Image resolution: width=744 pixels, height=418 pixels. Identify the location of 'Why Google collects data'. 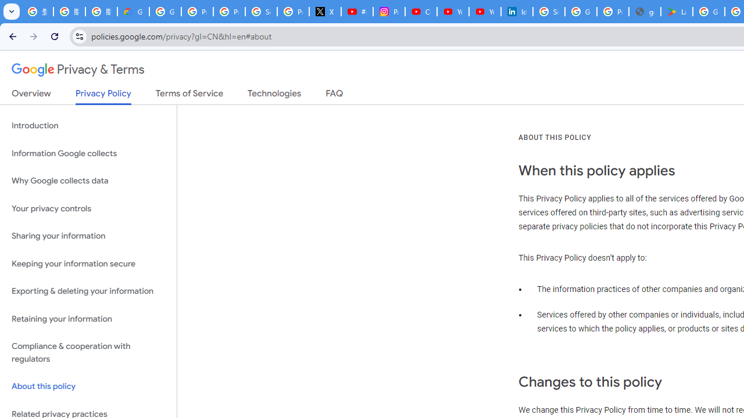
(88, 181).